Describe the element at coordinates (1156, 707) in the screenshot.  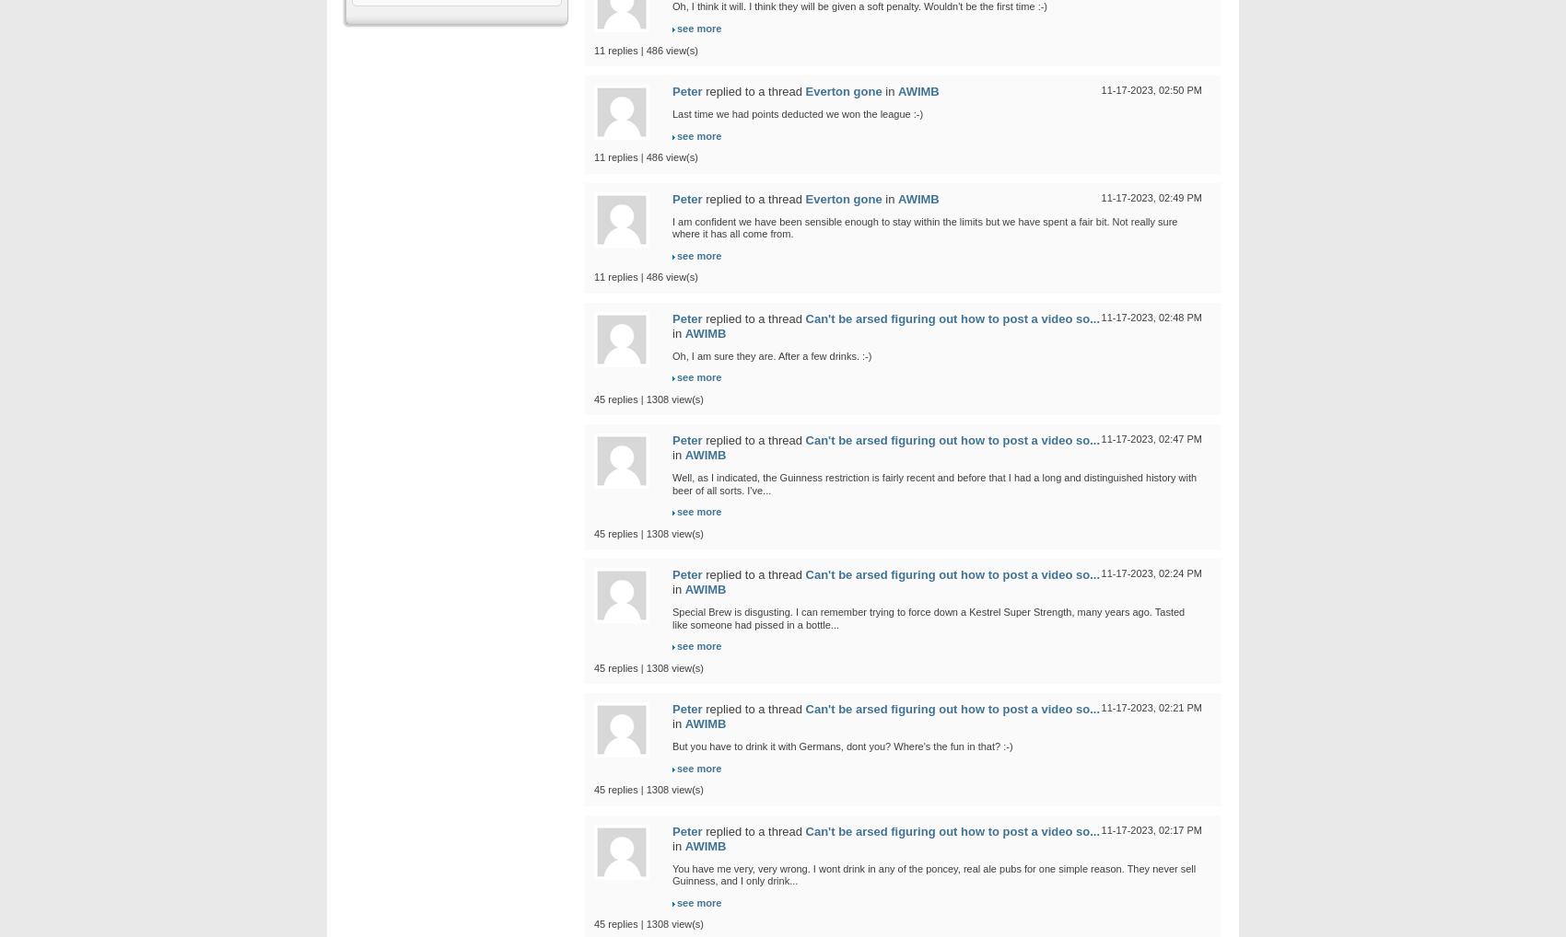
I see `'02:21 PM'` at that location.